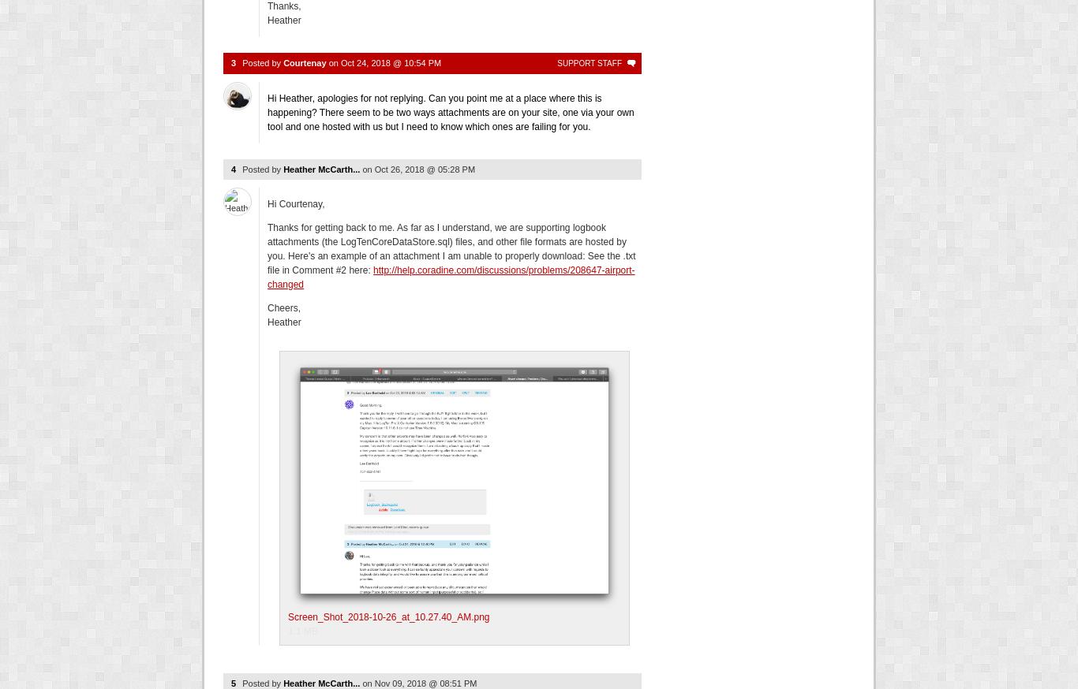  What do you see at coordinates (234, 62) in the screenshot?
I see `'3'` at bounding box center [234, 62].